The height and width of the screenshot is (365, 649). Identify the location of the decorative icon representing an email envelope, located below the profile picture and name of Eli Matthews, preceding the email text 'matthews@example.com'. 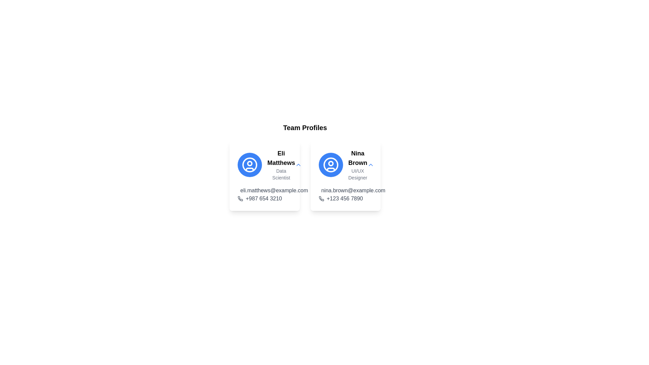
(242, 192).